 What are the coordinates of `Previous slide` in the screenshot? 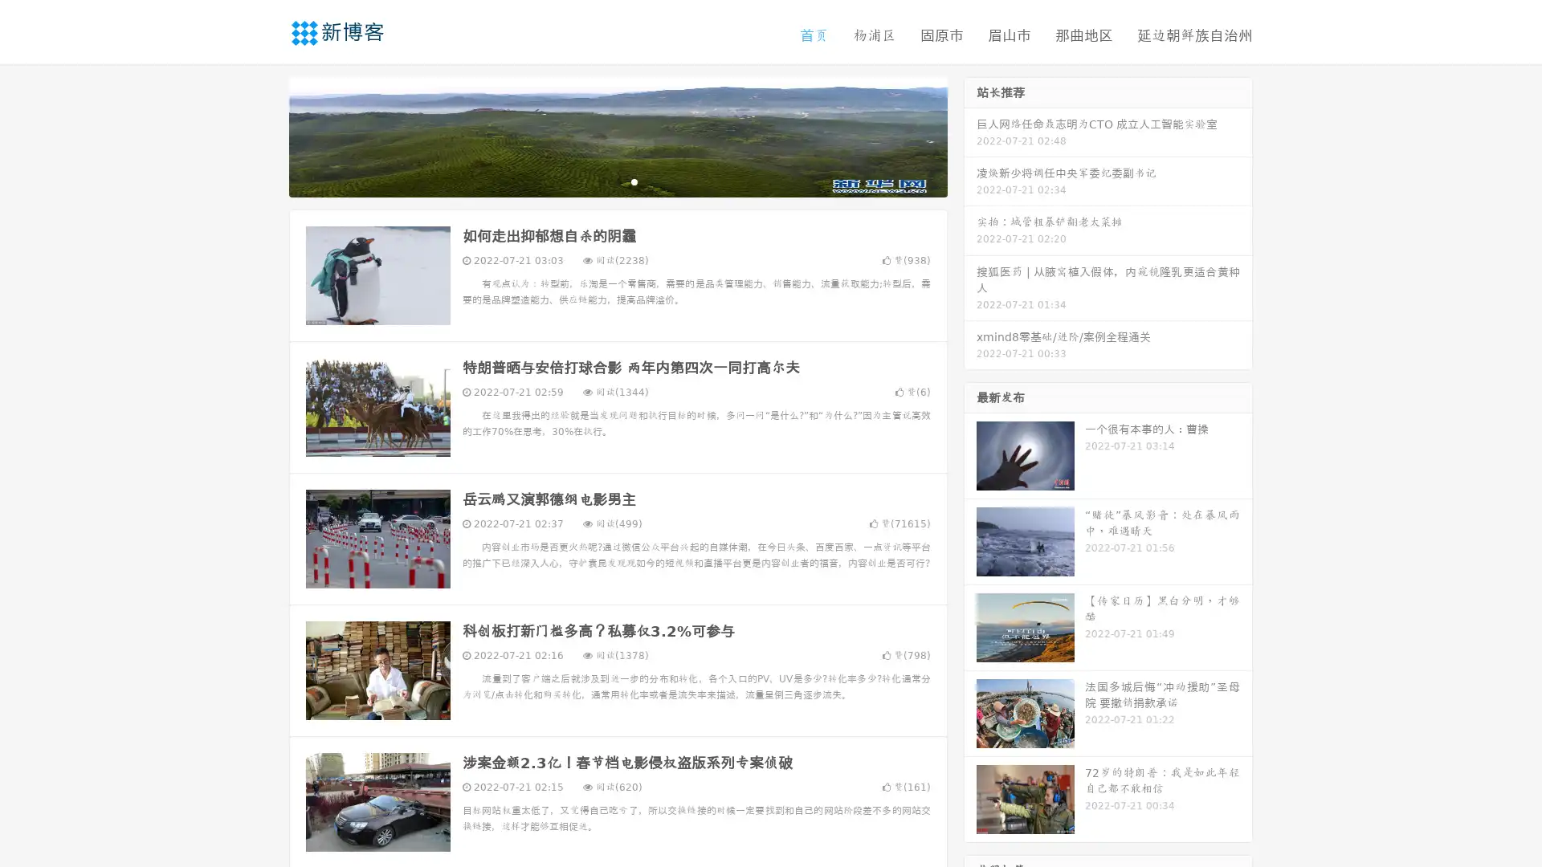 It's located at (265, 135).